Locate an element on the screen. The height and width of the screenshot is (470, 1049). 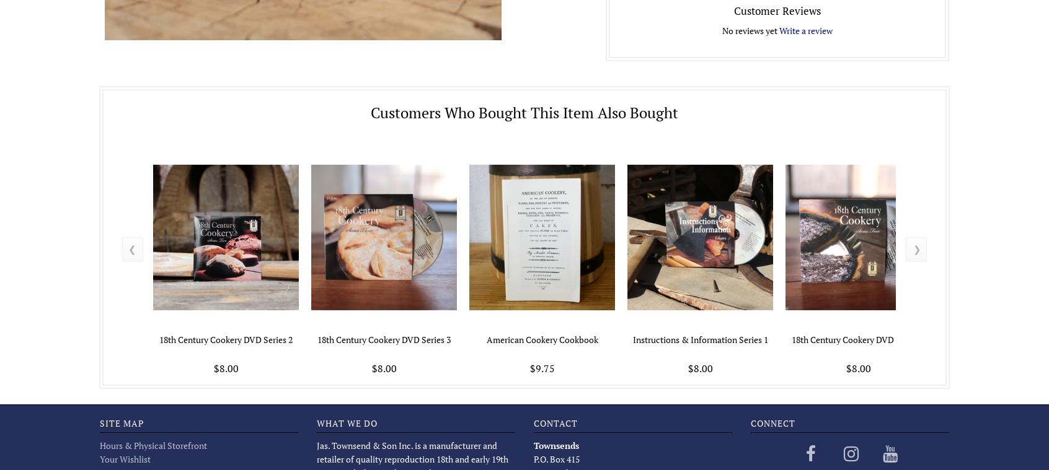
'Connect' is located at coordinates (750, 422).